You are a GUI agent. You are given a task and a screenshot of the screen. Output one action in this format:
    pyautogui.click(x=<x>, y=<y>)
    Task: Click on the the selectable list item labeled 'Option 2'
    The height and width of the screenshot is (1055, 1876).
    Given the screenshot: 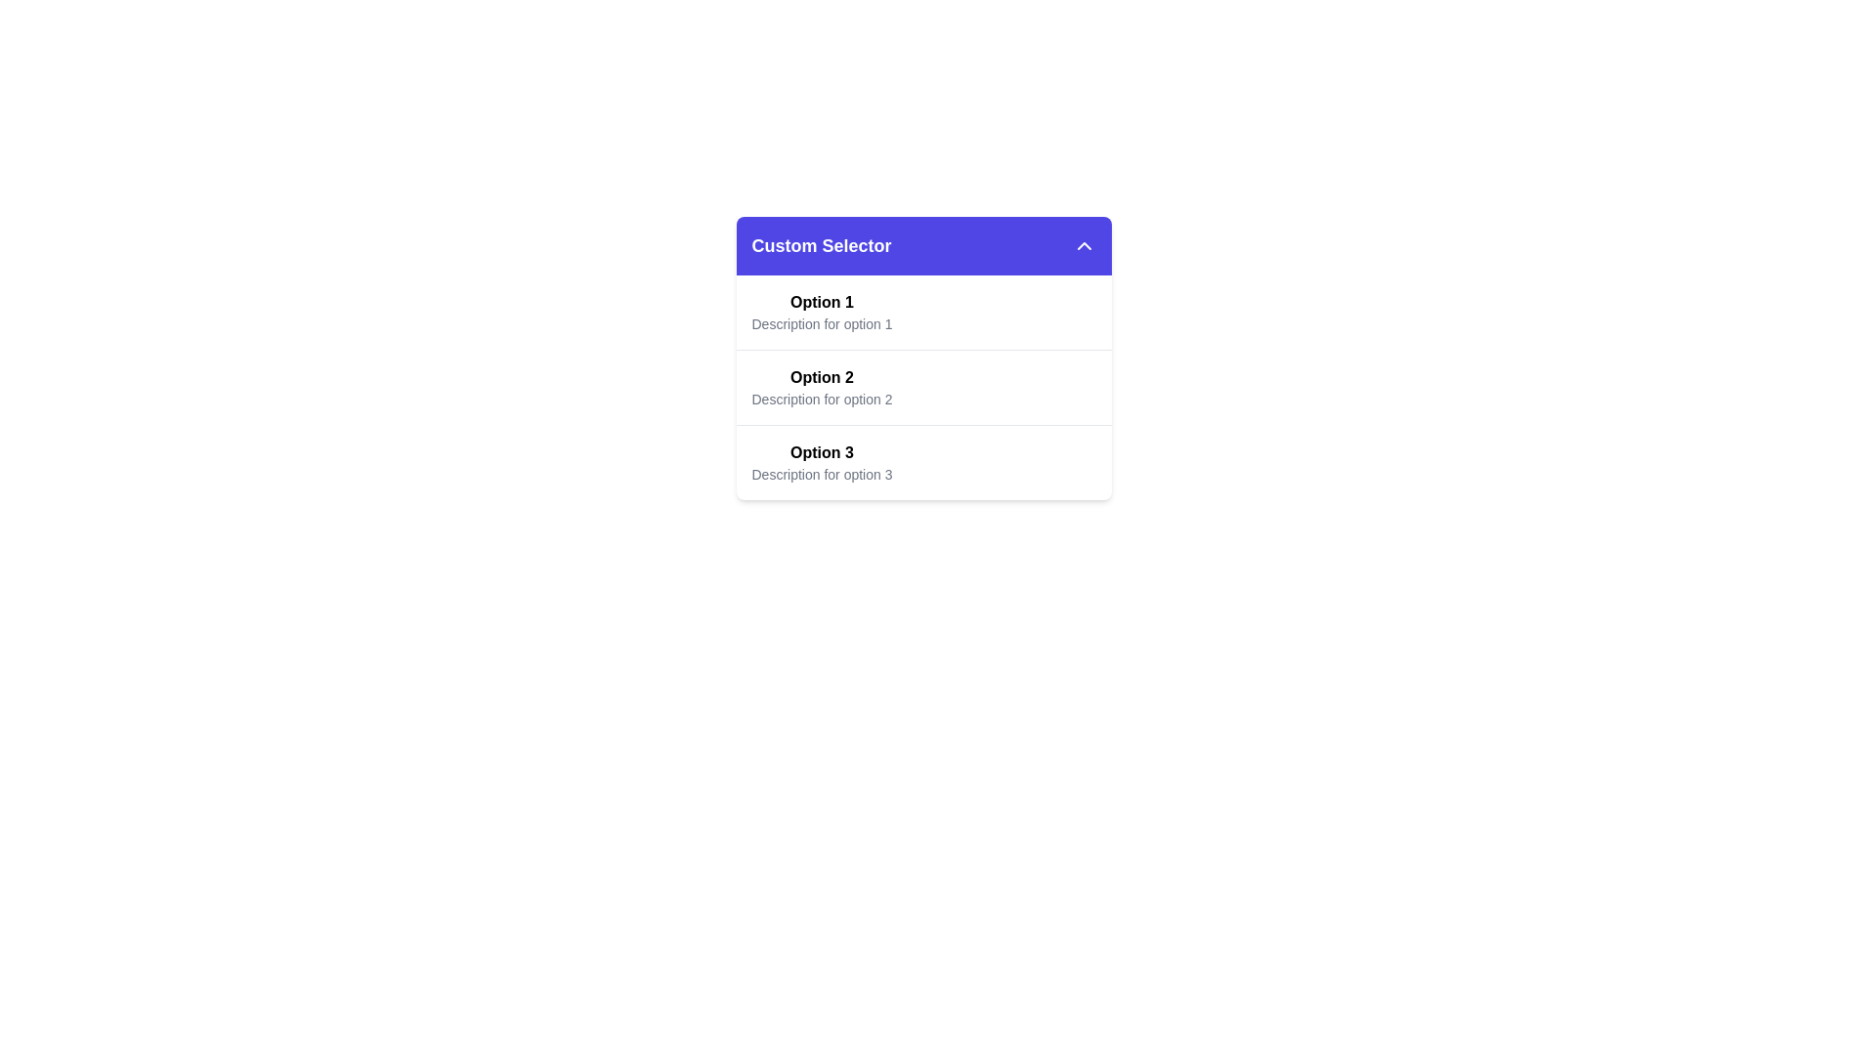 What is the action you would take?
    pyautogui.click(x=922, y=387)
    